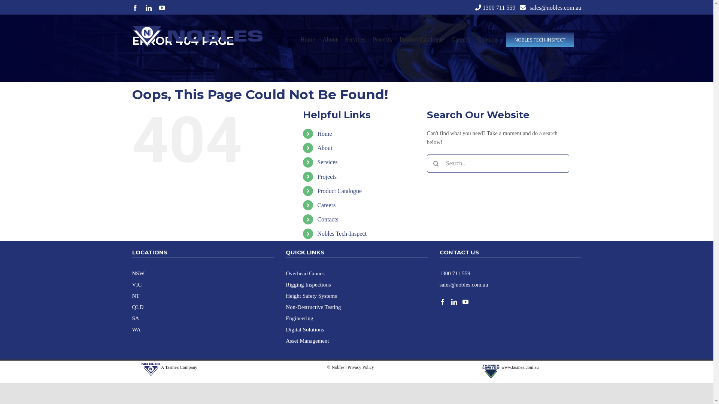 The height and width of the screenshot is (404, 719). What do you see at coordinates (505, 39) in the screenshot?
I see `'NOBLES TECH-INSPECT'` at bounding box center [505, 39].